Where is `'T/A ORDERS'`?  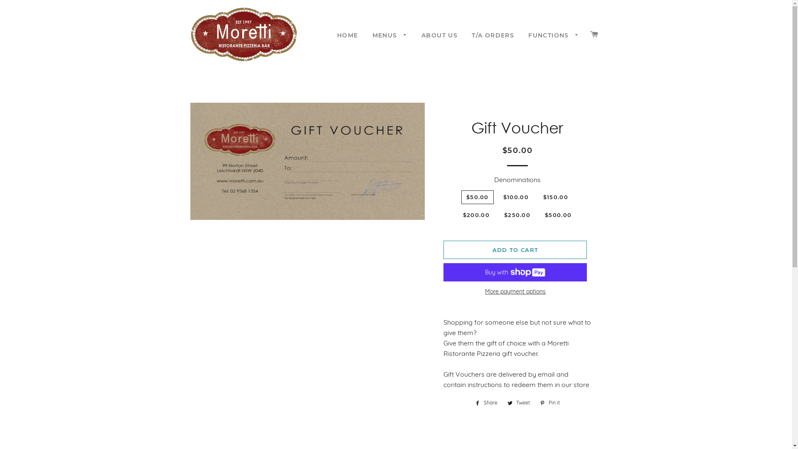 'T/A ORDERS' is located at coordinates (493, 35).